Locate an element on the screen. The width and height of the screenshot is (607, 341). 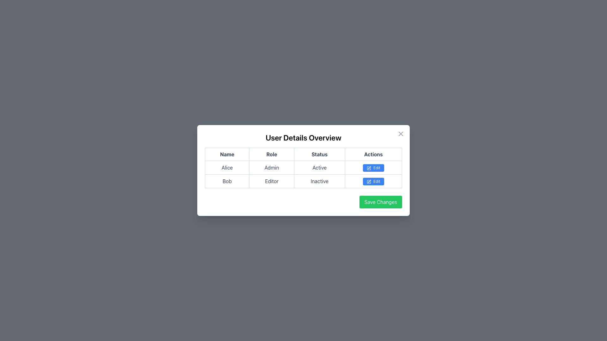
the second row in the tabular format displaying user information for 'Bob', which includes the role 'Editor', status 'Inactive', and an 'Edit' button is located at coordinates (303, 181).